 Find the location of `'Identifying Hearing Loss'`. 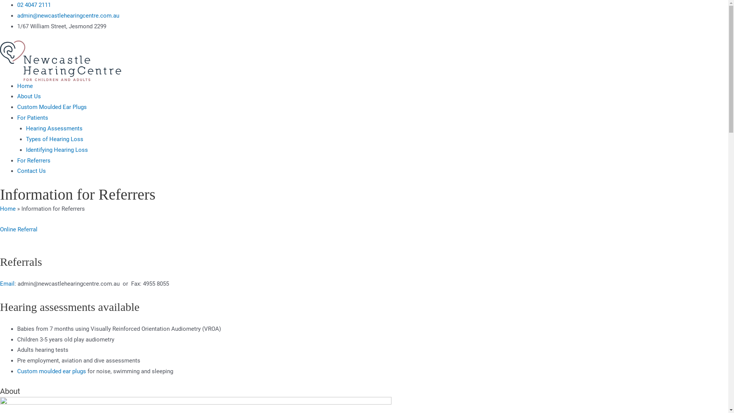

'Identifying Hearing Loss' is located at coordinates (26, 150).